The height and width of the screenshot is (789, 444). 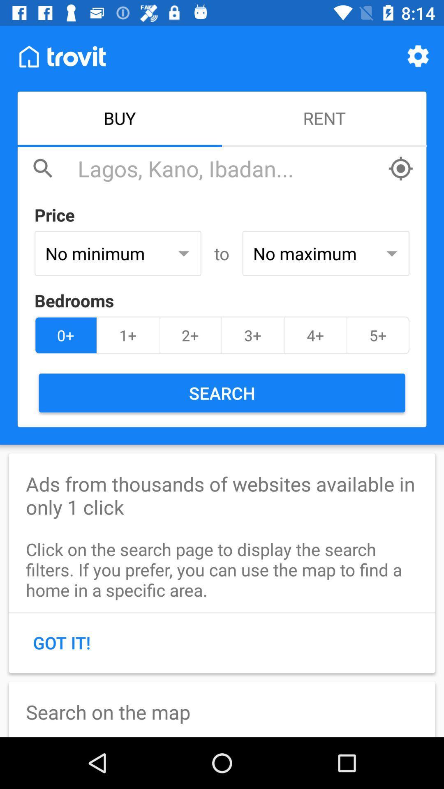 What do you see at coordinates (228, 168) in the screenshot?
I see `search bar` at bounding box center [228, 168].